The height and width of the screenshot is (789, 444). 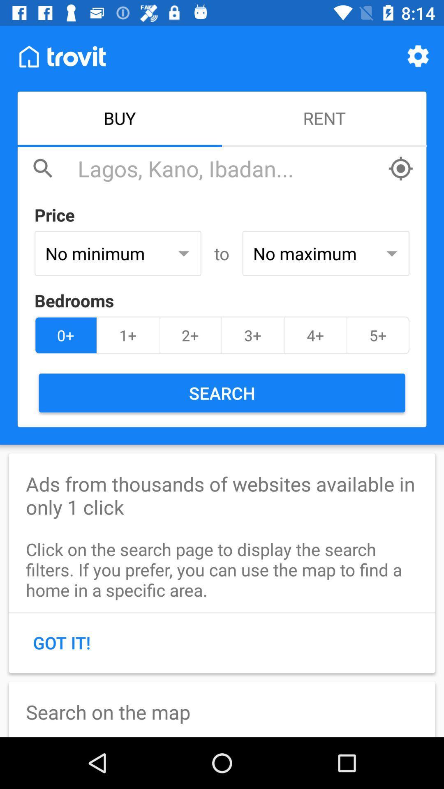 What do you see at coordinates (228, 168) in the screenshot?
I see `search bar` at bounding box center [228, 168].